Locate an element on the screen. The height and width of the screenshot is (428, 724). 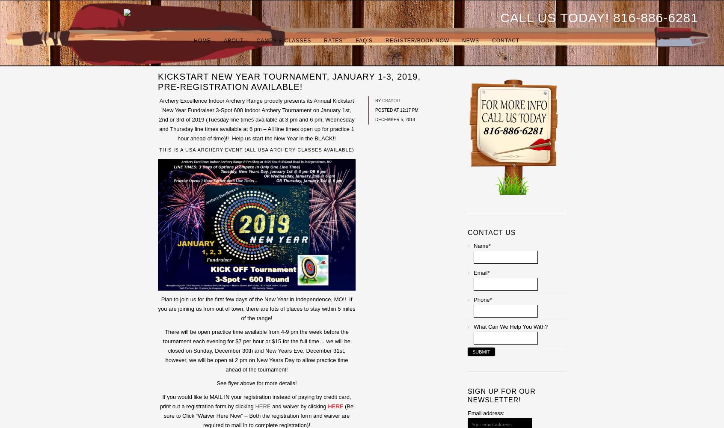
'What can we help you with?' is located at coordinates (510, 327).